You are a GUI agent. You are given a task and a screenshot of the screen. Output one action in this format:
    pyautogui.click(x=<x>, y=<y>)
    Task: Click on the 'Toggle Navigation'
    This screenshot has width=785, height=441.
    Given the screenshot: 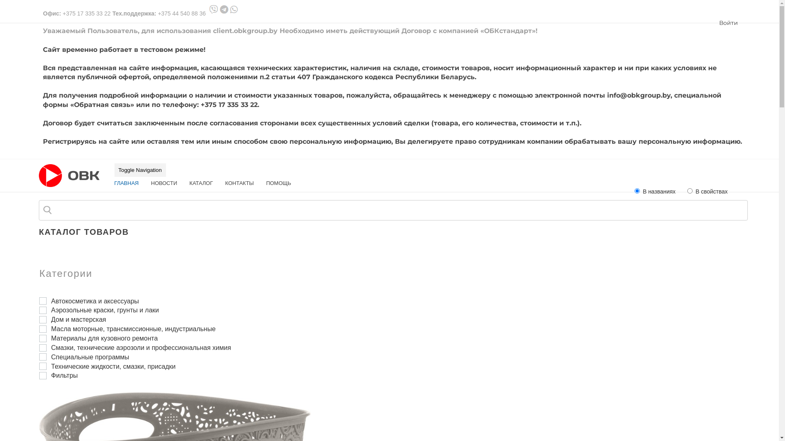 What is the action you would take?
    pyautogui.click(x=114, y=169)
    